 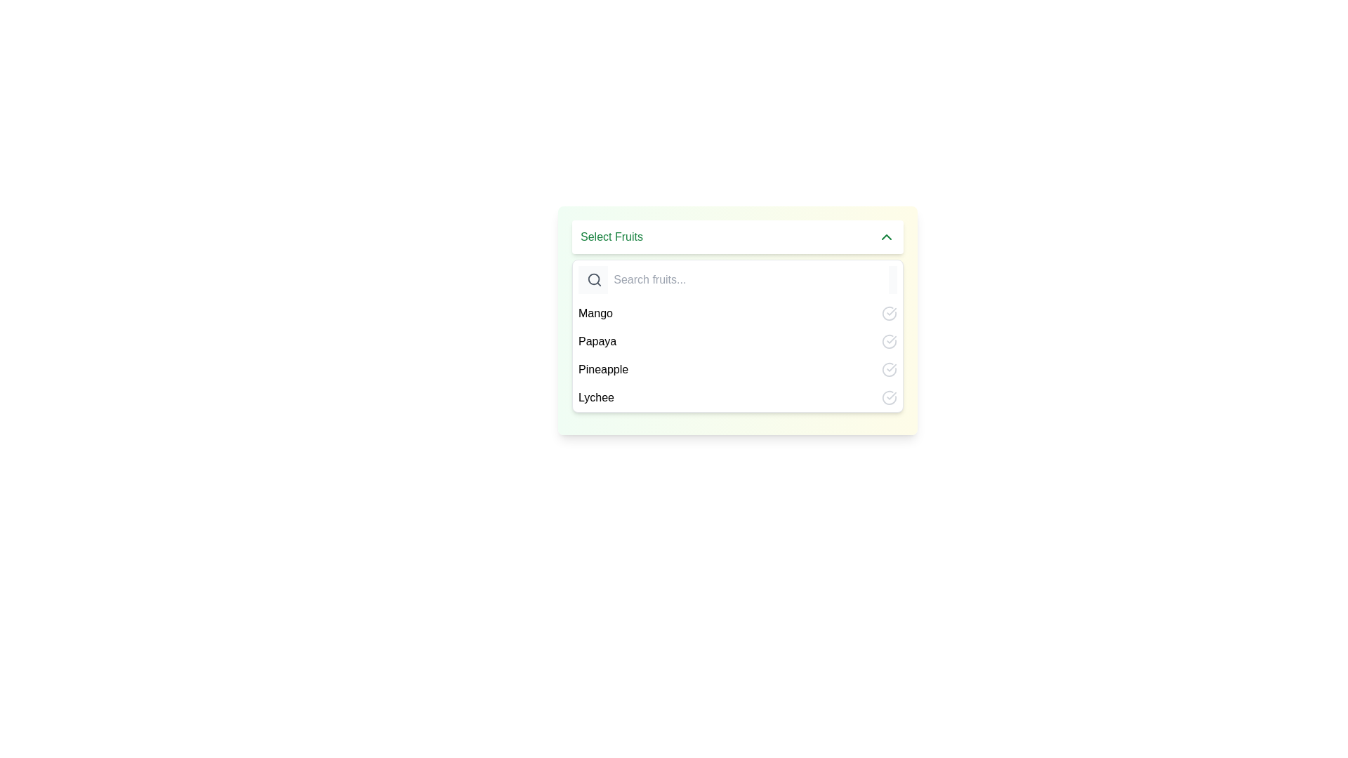 I want to click on the lens circle of the search icon located to the left inside the 'Search fruits...' input field, which is below the 'Select Fruits' header, so click(x=594, y=279).